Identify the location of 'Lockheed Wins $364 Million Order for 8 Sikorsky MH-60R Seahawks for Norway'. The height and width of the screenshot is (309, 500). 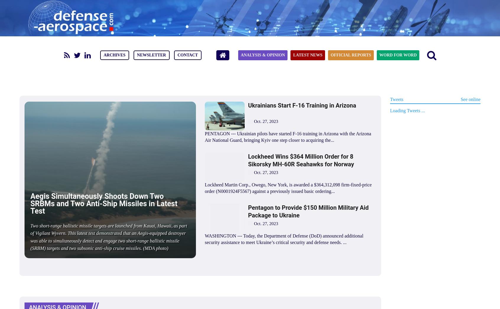
(248, 160).